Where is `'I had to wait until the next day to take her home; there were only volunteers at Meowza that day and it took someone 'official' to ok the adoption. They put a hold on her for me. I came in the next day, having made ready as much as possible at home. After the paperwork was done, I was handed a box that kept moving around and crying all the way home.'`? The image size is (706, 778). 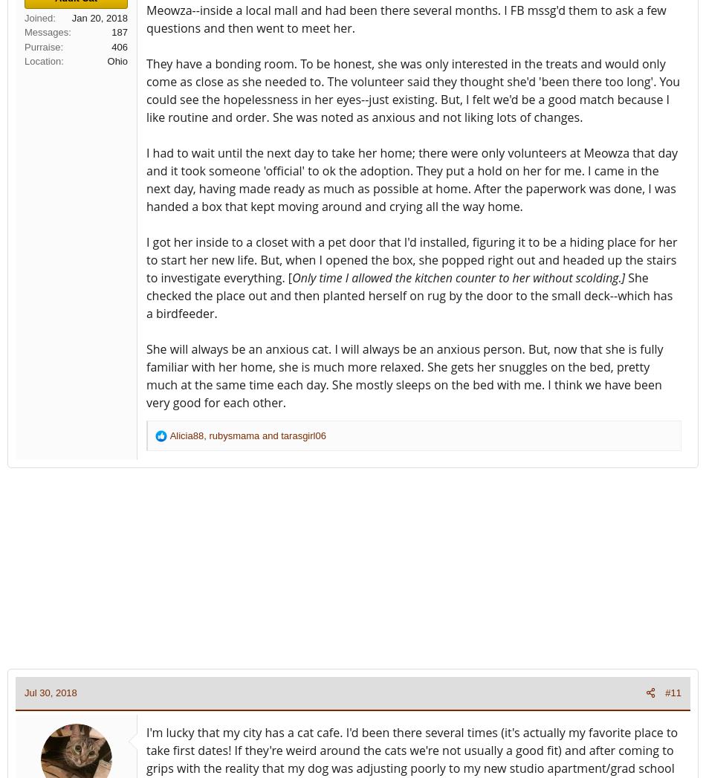 'I had to wait until the next day to take her home; there were only volunteers at Meowza that day and it took someone 'official' to ok the adoption. They put a hold on her for me. I came in the next day, having made ready as much as possible at home. After the paperwork was done, I was handed a box that kept moving around and crying all the way home.' is located at coordinates (412, 179).